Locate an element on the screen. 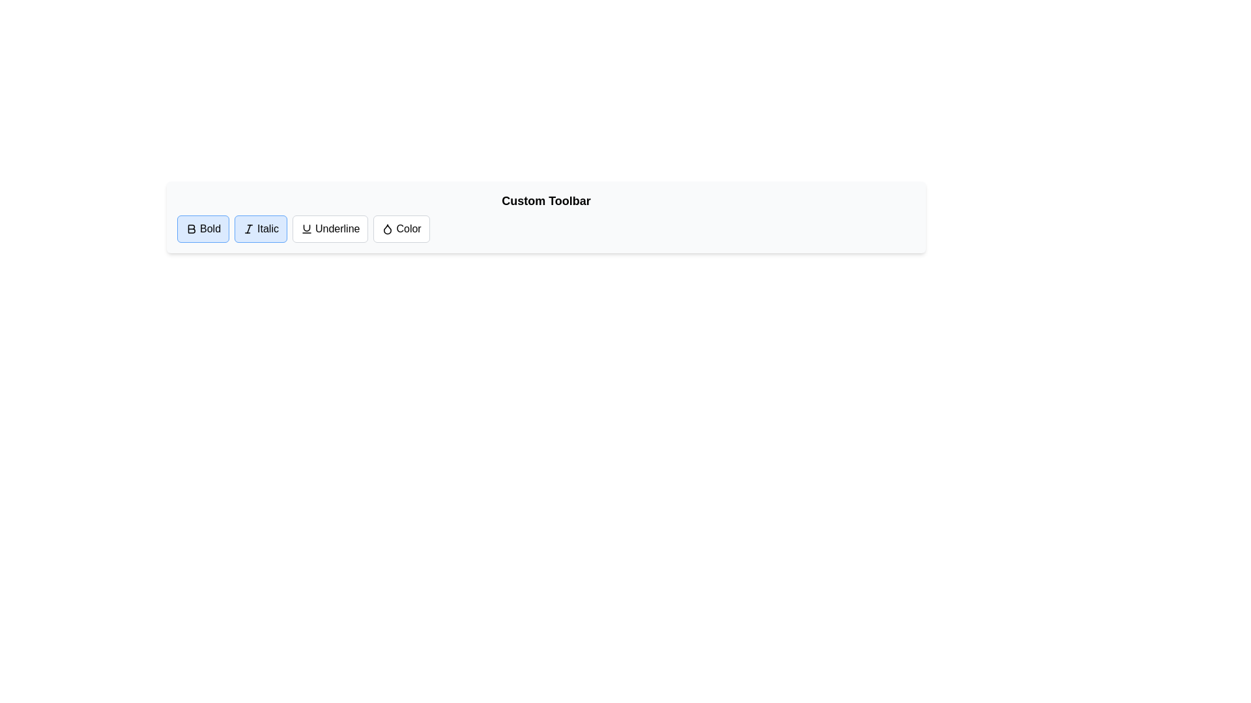  the 'Italic' text label, which is located inside the second button of the toolbar, positioned between the 'Bold' and 'Underline' buttons is located at coordinates (267, 228).